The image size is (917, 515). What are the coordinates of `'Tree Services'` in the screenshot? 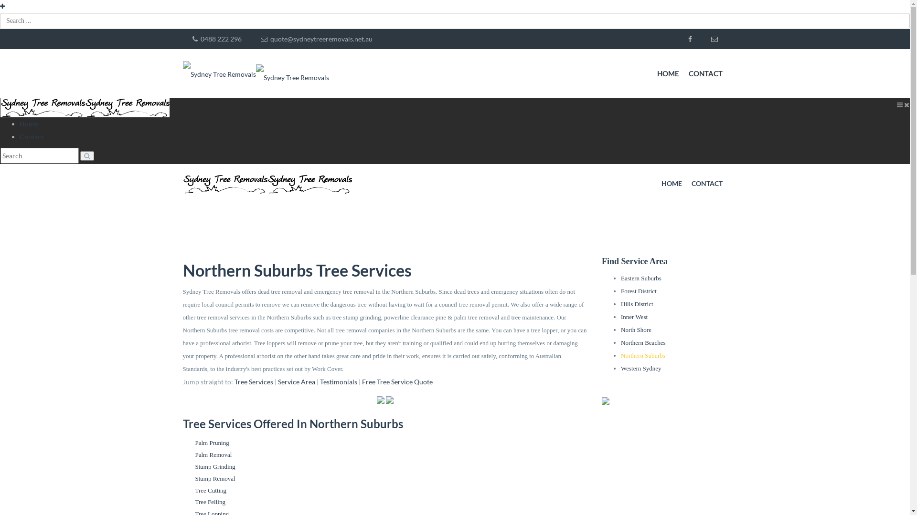 It's located at (253, 381).